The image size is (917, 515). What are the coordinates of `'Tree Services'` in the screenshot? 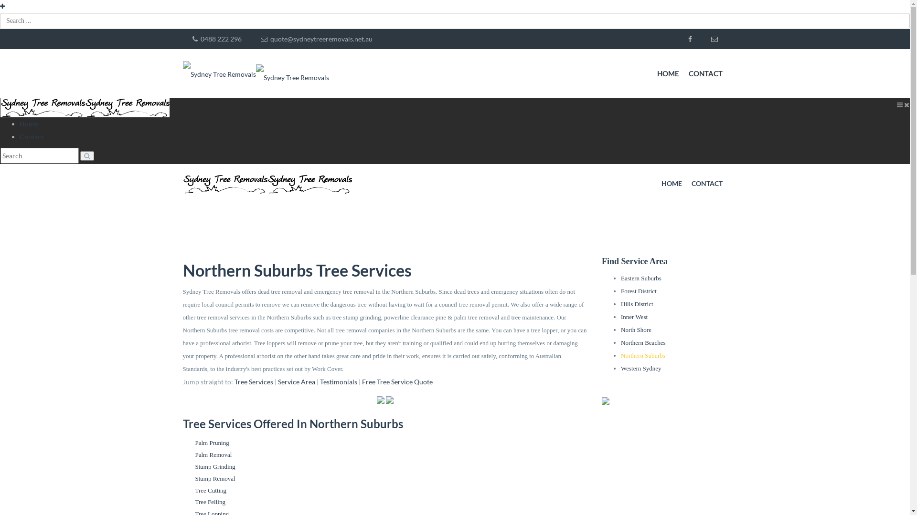 It's located at (253, 381).